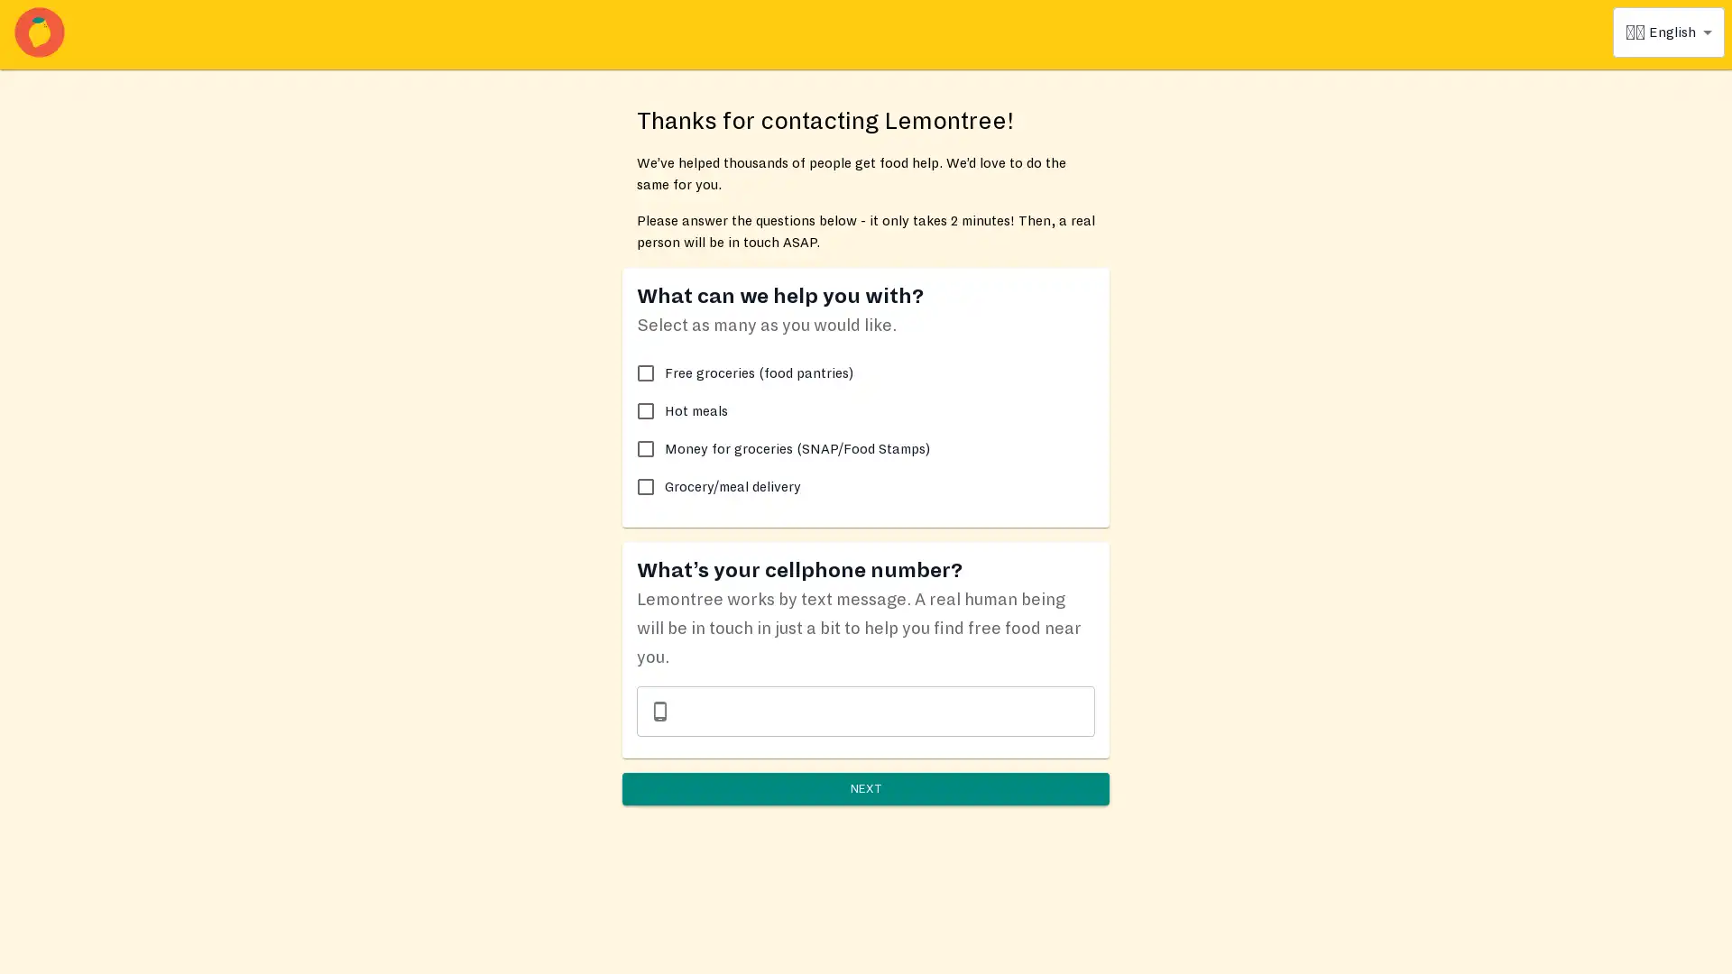 The width and height of the screenshot is (1732, 974). What do you see at coordinates (866, 787) in the screenshot?
I see `NEXT` at bounding box center [866, 787].